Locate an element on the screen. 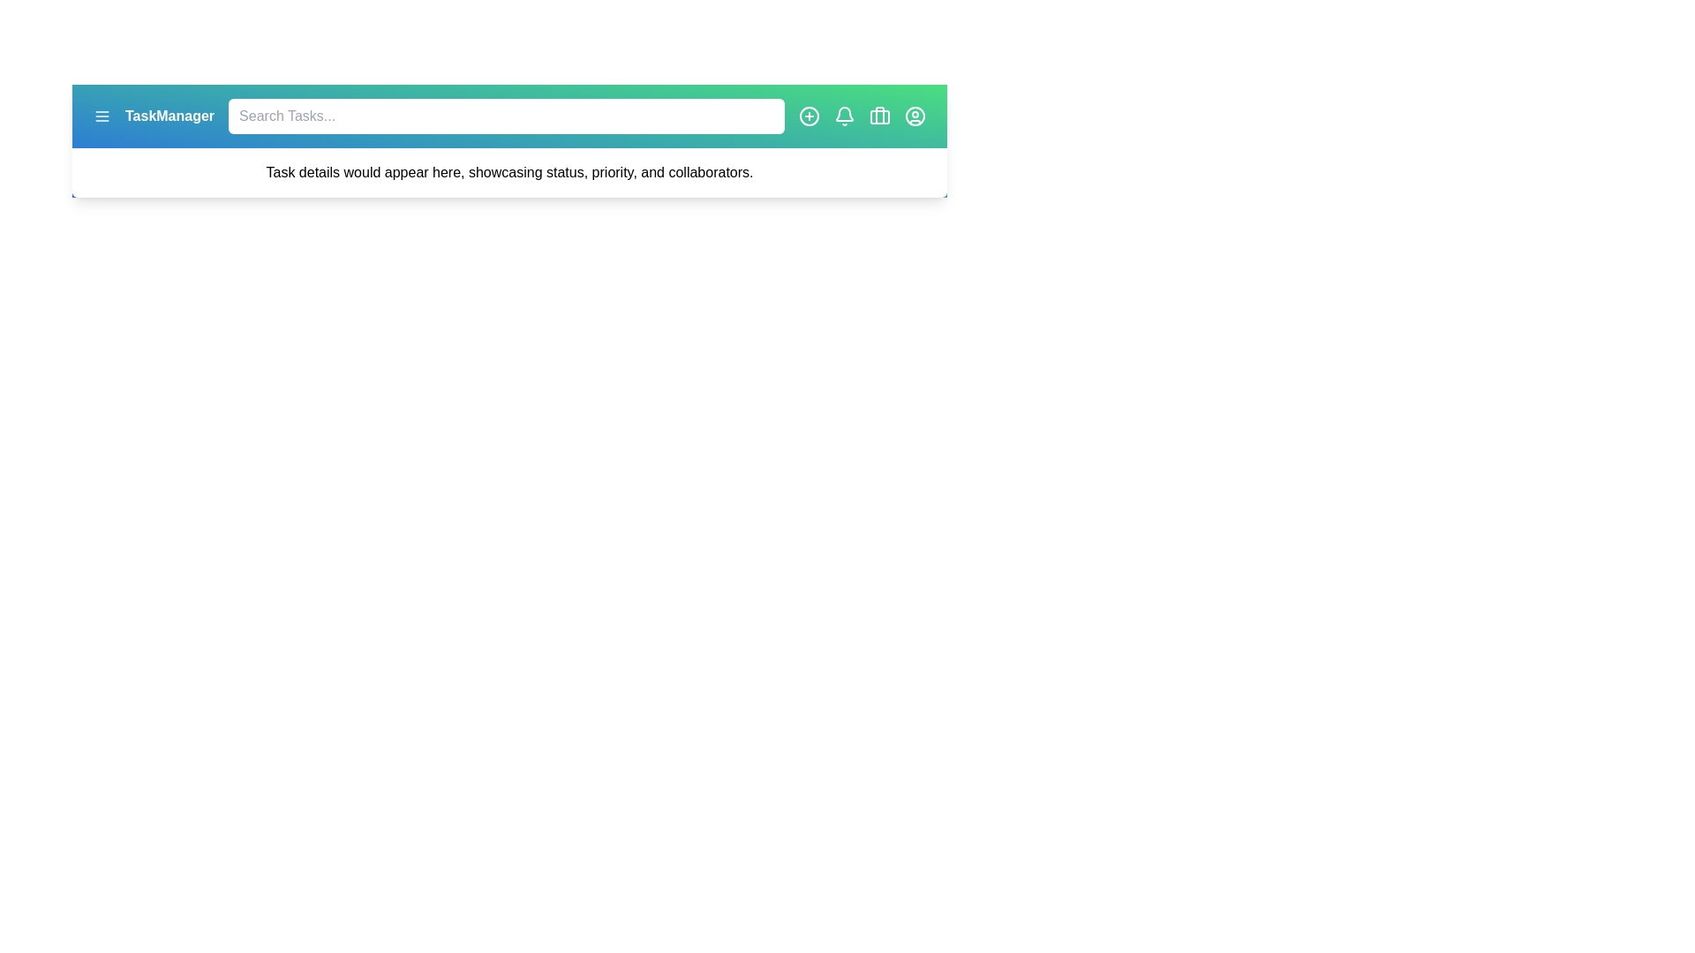  the navigation menu icon to open the menu is located at coordinates (101, 116).